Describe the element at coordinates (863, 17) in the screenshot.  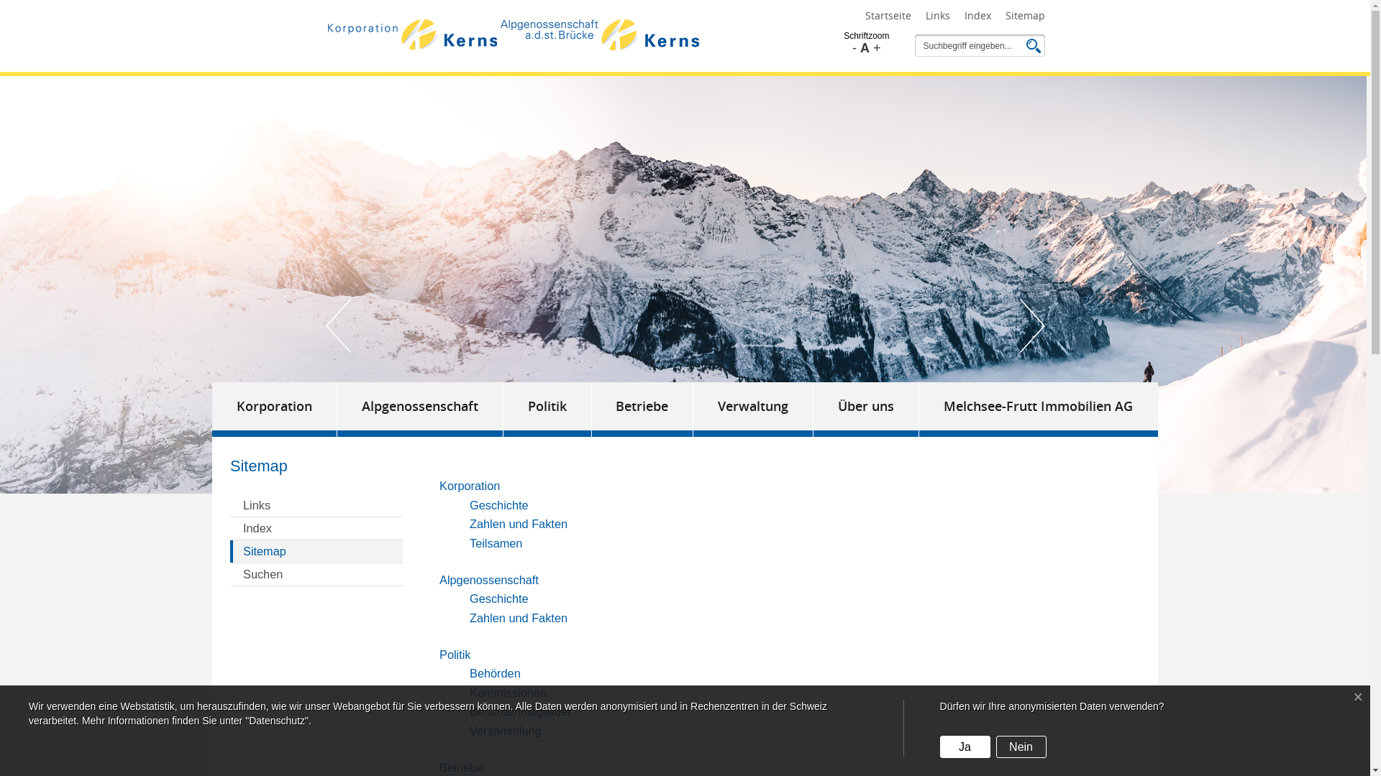
I see `'Startseite'` at that location.